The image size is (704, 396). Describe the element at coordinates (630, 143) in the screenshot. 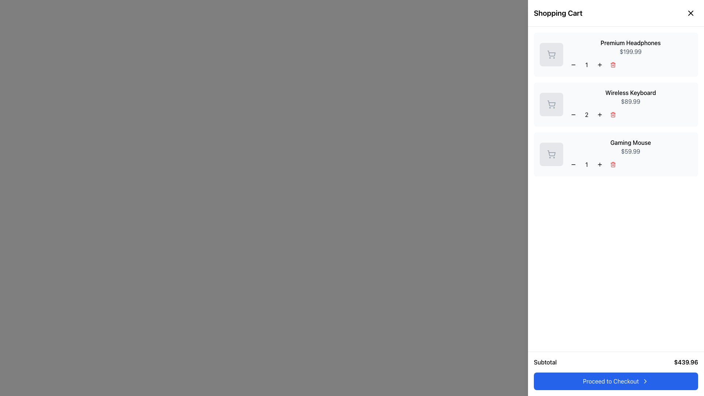

I see `the 'Gaming Mouse' label, which is displayed in a bold font and is located in the shopping cart panel, under 'Wireless Keyboard' and above the price '$59.99'` at that location.